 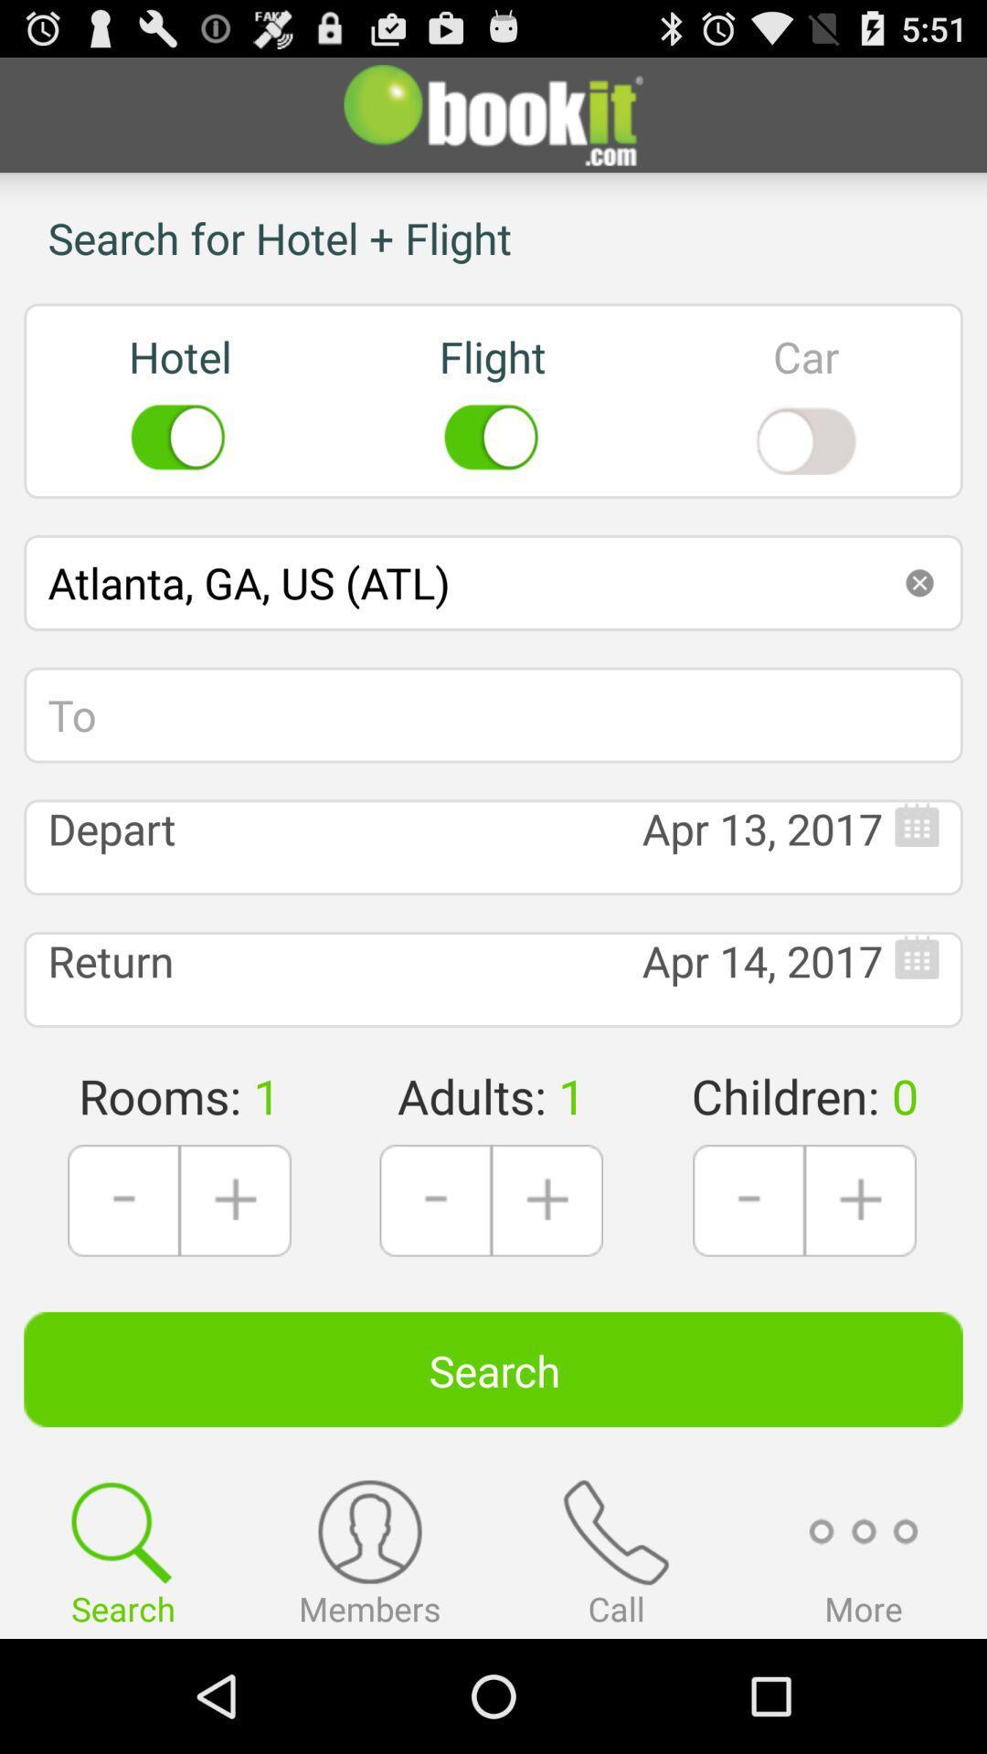 What do you see at coordinates (493, 582) in the screenshot?
I see `atlanta ga us` at bounding box center [493, 582].